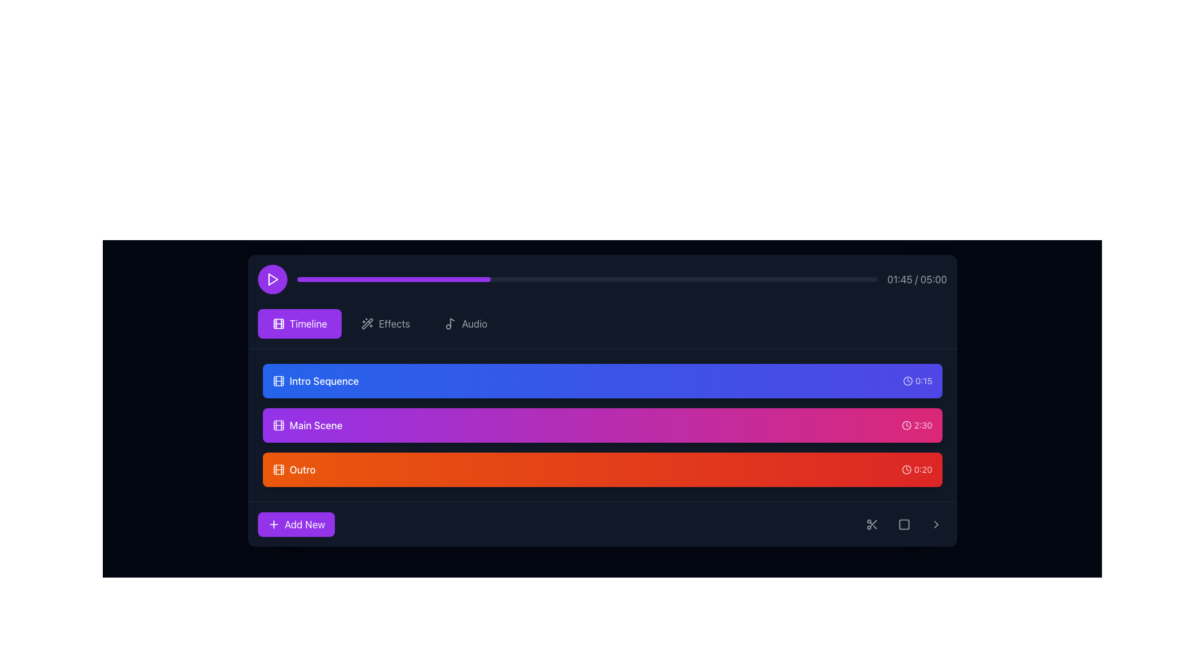 Image resolution: width=1182 pixels, height=665 pixels. I want to click on the 'Effects' button, which is a rounded button with a dark background and light gray text, located next to the 'Timeline' button and left of the 'Audio' button, so click(385, 323).